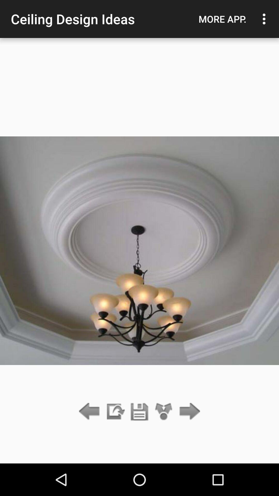  Describe the element at coordinates (188, 412) in the screenshot. I see `go forward` at that location.